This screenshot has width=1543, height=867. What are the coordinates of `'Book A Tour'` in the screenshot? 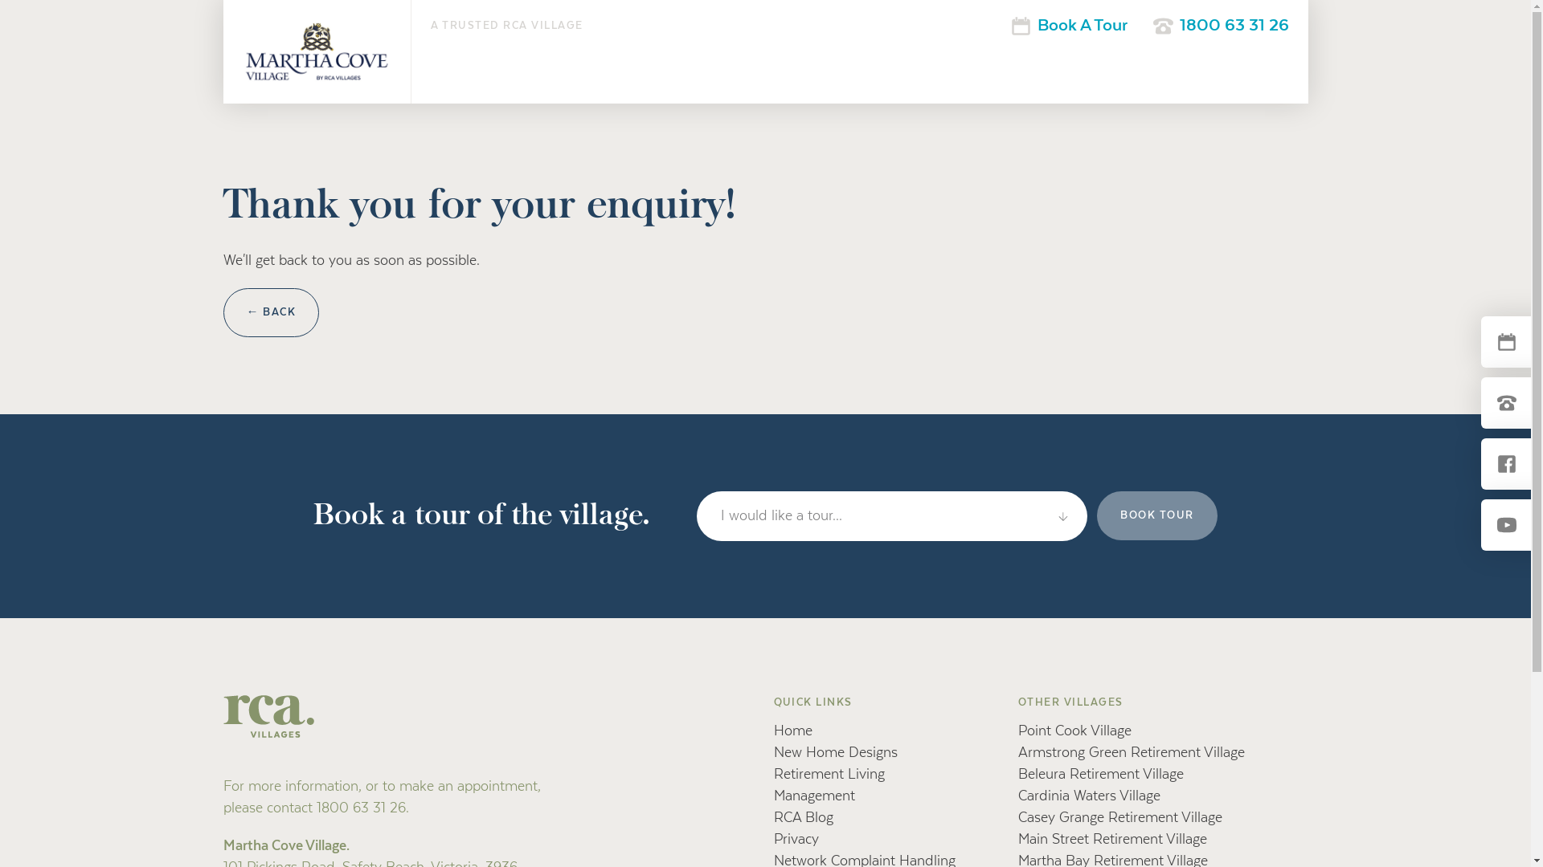 It's located at (1069, 25).